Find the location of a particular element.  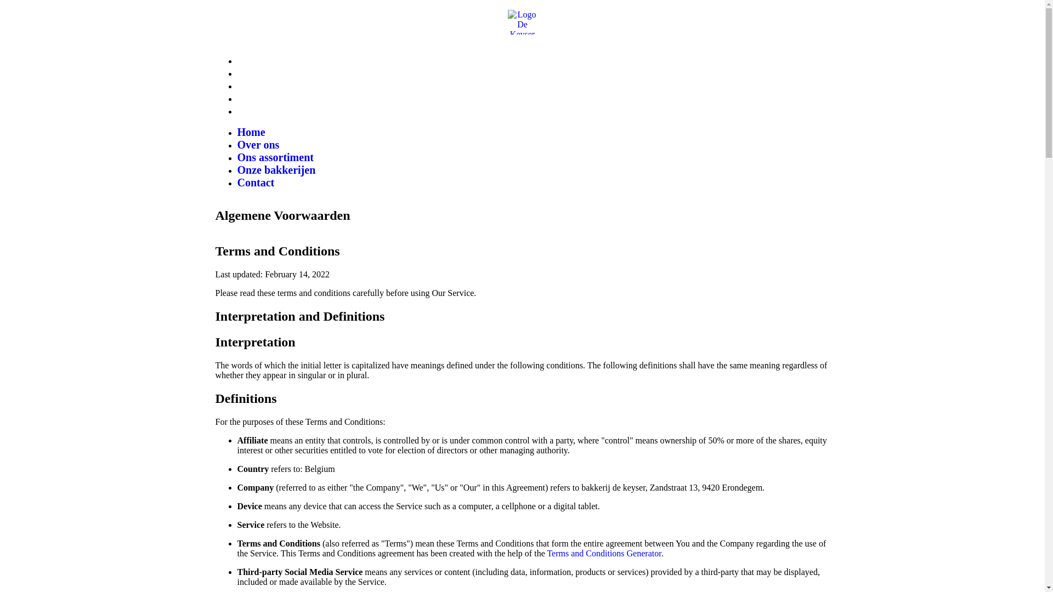

'Ons assortiment' is located at coordinates (275, 157).